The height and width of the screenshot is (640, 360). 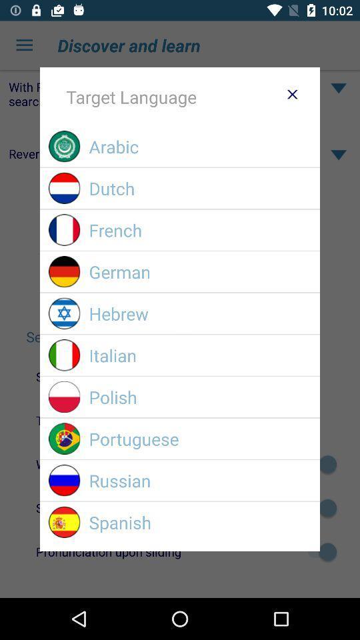 What do you see at coordinates (199, 146) in the screenshot?
I see `the icon below the target language icon` at bounding box center [199, 146].